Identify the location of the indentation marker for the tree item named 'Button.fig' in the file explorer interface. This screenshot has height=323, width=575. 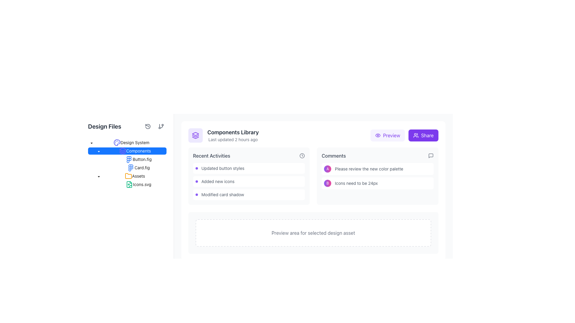
(95, 159).